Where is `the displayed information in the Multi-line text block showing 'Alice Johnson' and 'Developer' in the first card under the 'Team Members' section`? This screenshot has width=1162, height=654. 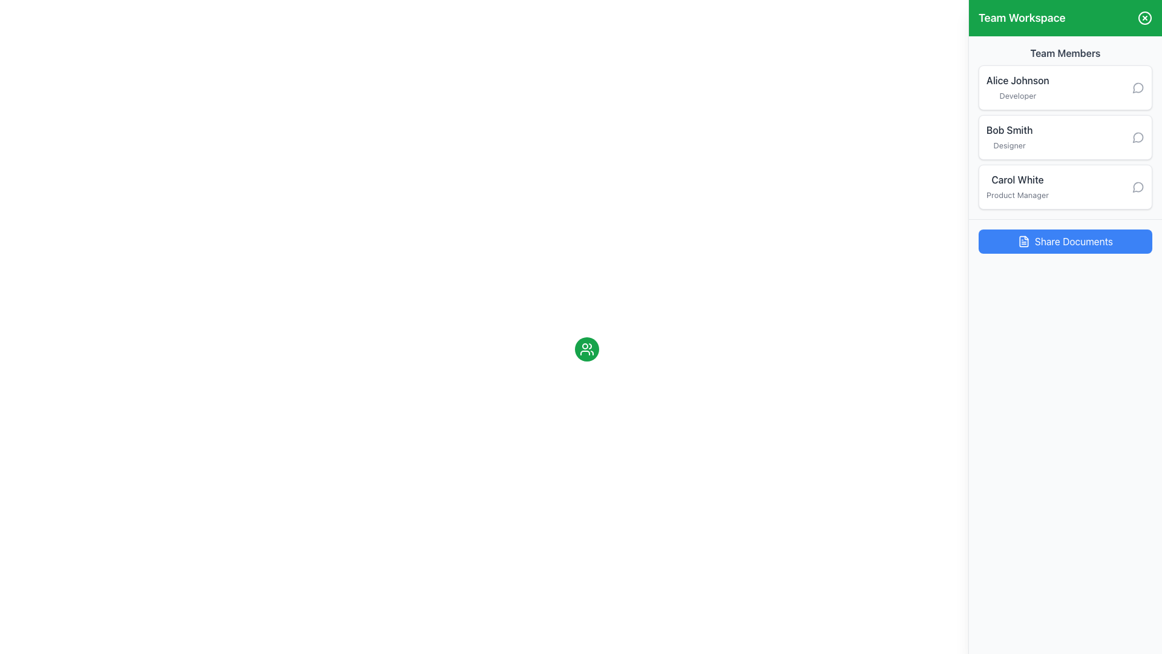 the displayed information in the Multi-line text block showing 'Alice Johnson' and 'Developer' in the first card under the 'Team Members' section is located at coordinates (1017, 87).